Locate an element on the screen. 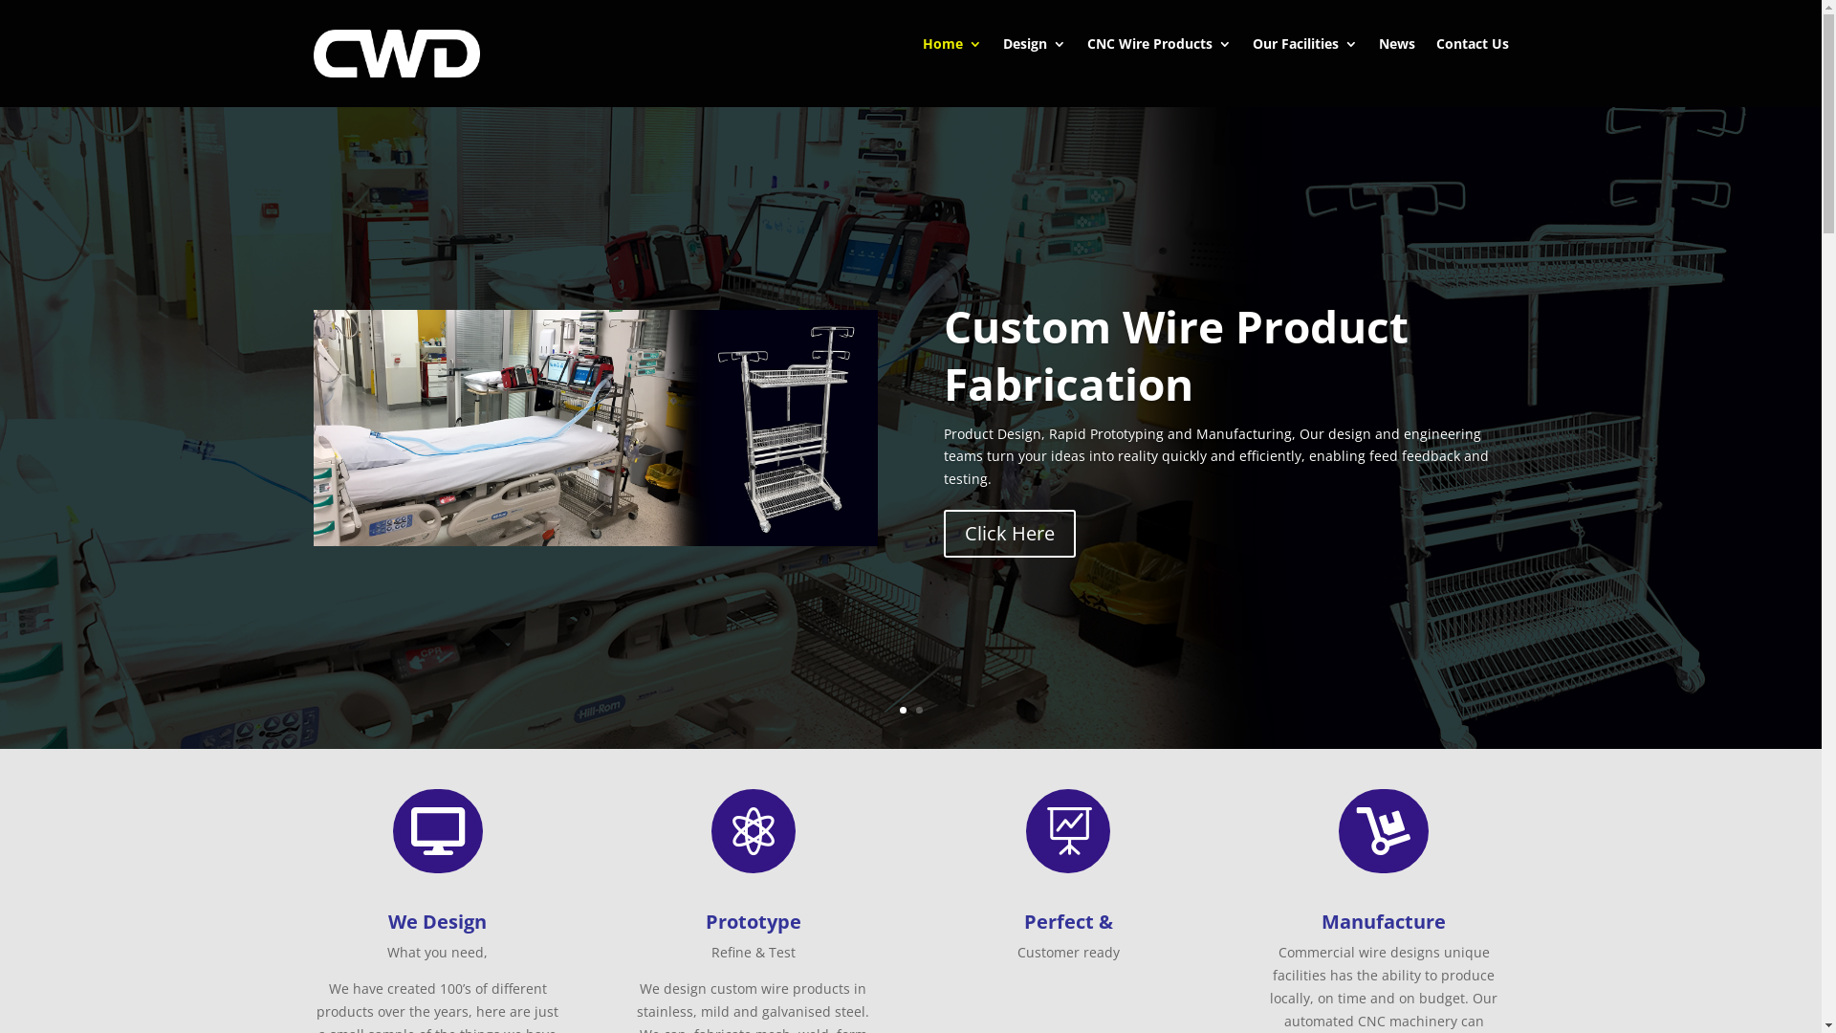  'Home' is located at coordinates (922, 47).